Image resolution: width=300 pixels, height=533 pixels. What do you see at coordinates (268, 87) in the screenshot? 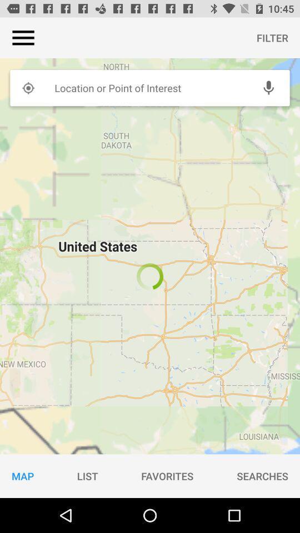
I see `the microphone icon` at bounding box center [268, 87].